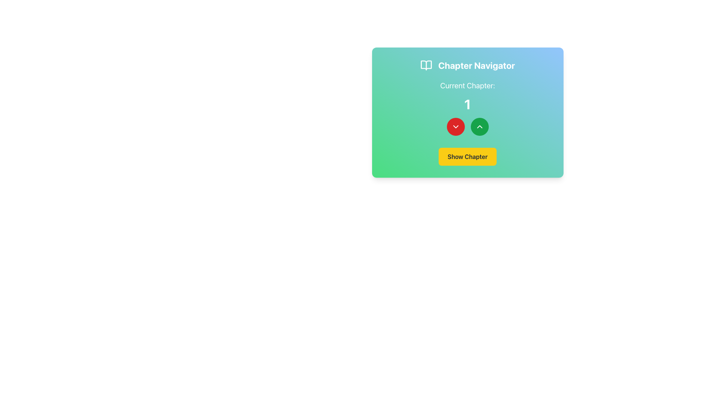 This screenshot has width=718, height=404. What do you see at coordinates (467, 156) in the screenshot?
I see `the 'Show Chapter' button with a yellow background located at the bottom center of the 'Chapter Navigator' card to observe its hover effect` at bounding box center [467, 156].